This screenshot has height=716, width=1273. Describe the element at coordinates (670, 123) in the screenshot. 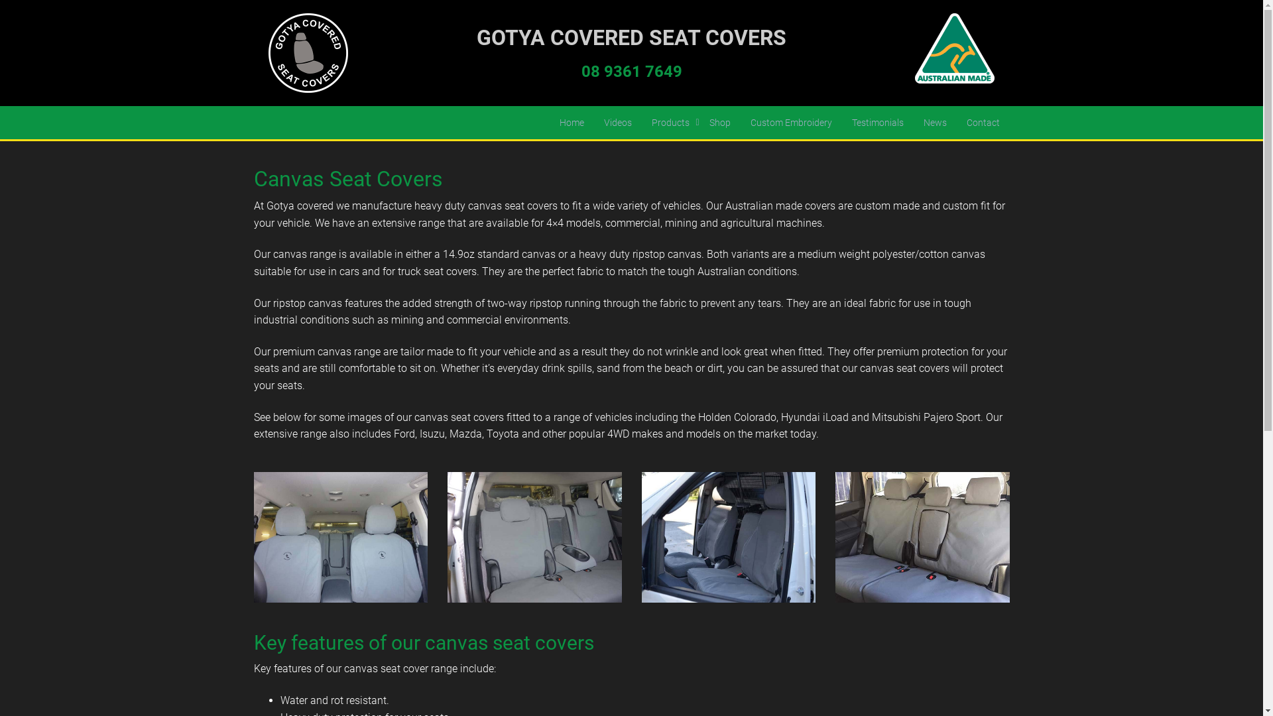

I see `'Products'` at that location.